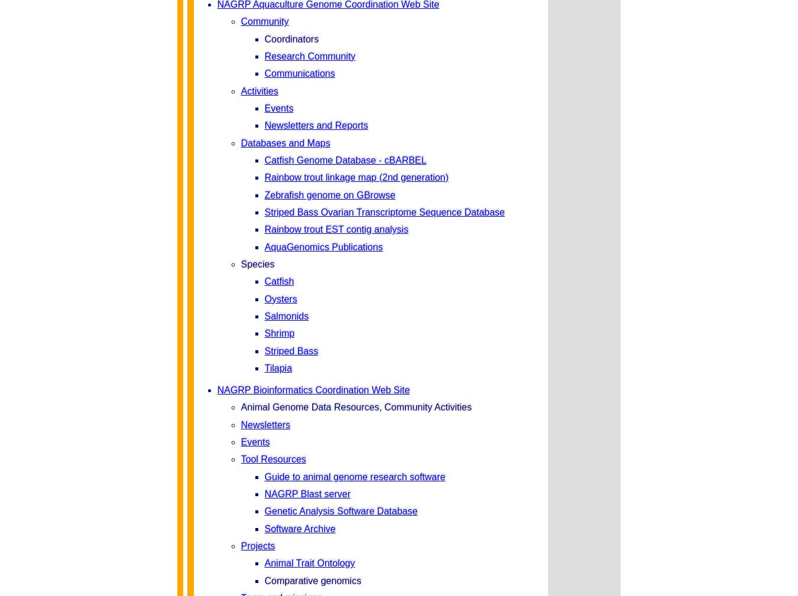 The width and height of the screenshot is (798, 596). I want to click on 'Newsletters and Reports', so click(315, 125).